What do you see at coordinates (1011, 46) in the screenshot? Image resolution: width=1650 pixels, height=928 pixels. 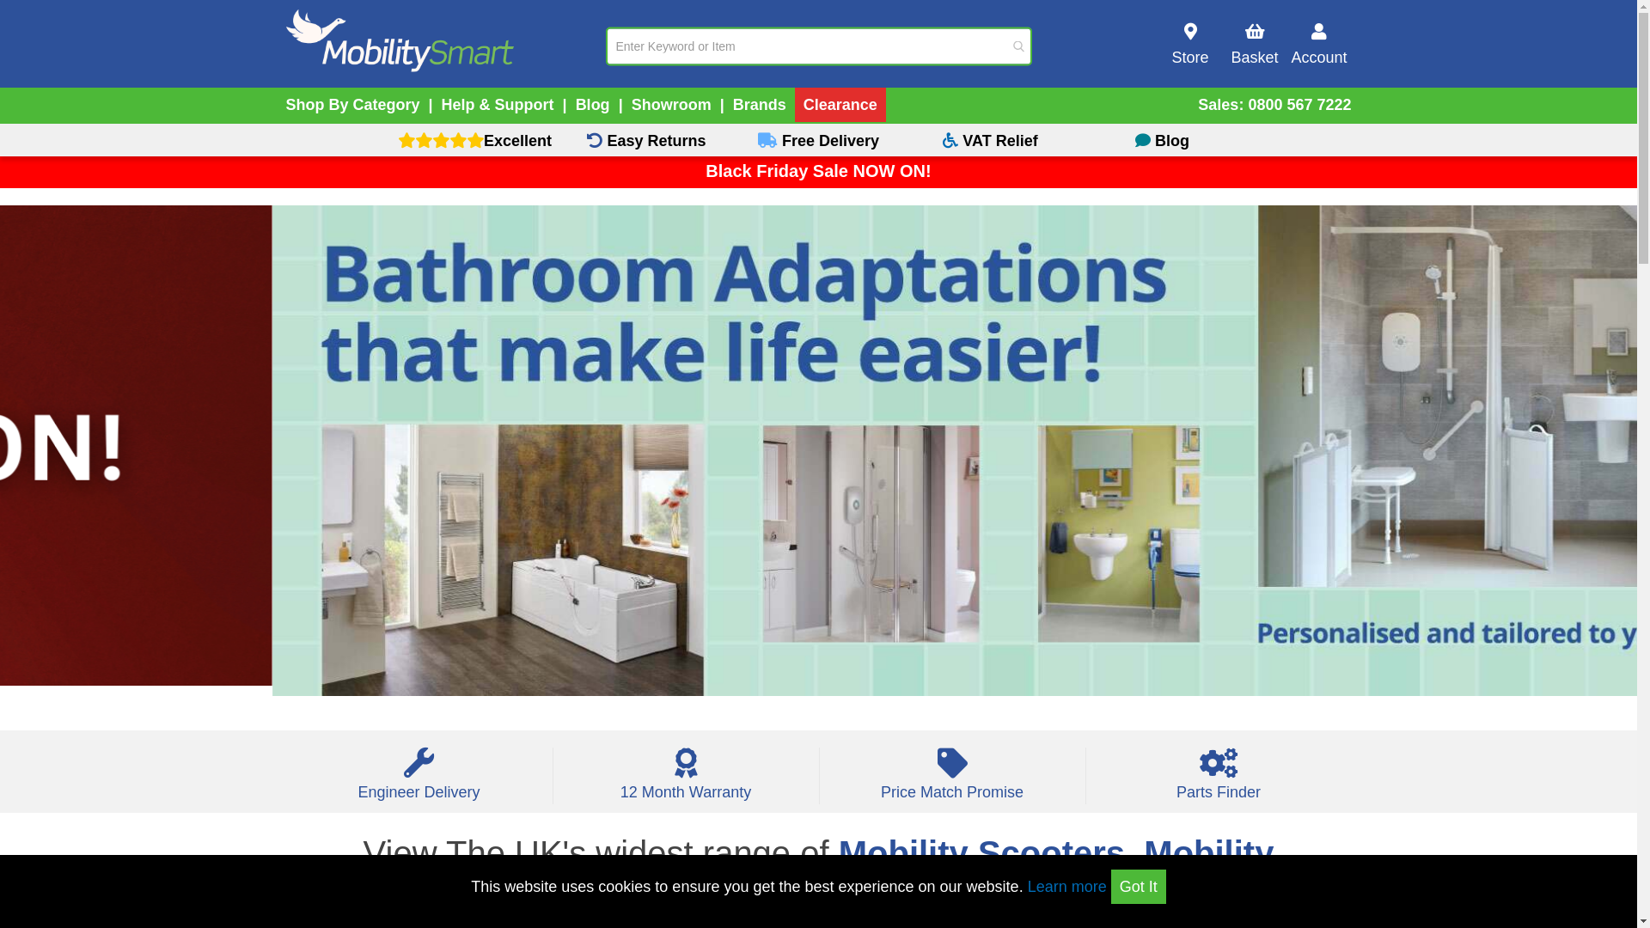 I see `'Search'` at bounding box center [1011, 46].